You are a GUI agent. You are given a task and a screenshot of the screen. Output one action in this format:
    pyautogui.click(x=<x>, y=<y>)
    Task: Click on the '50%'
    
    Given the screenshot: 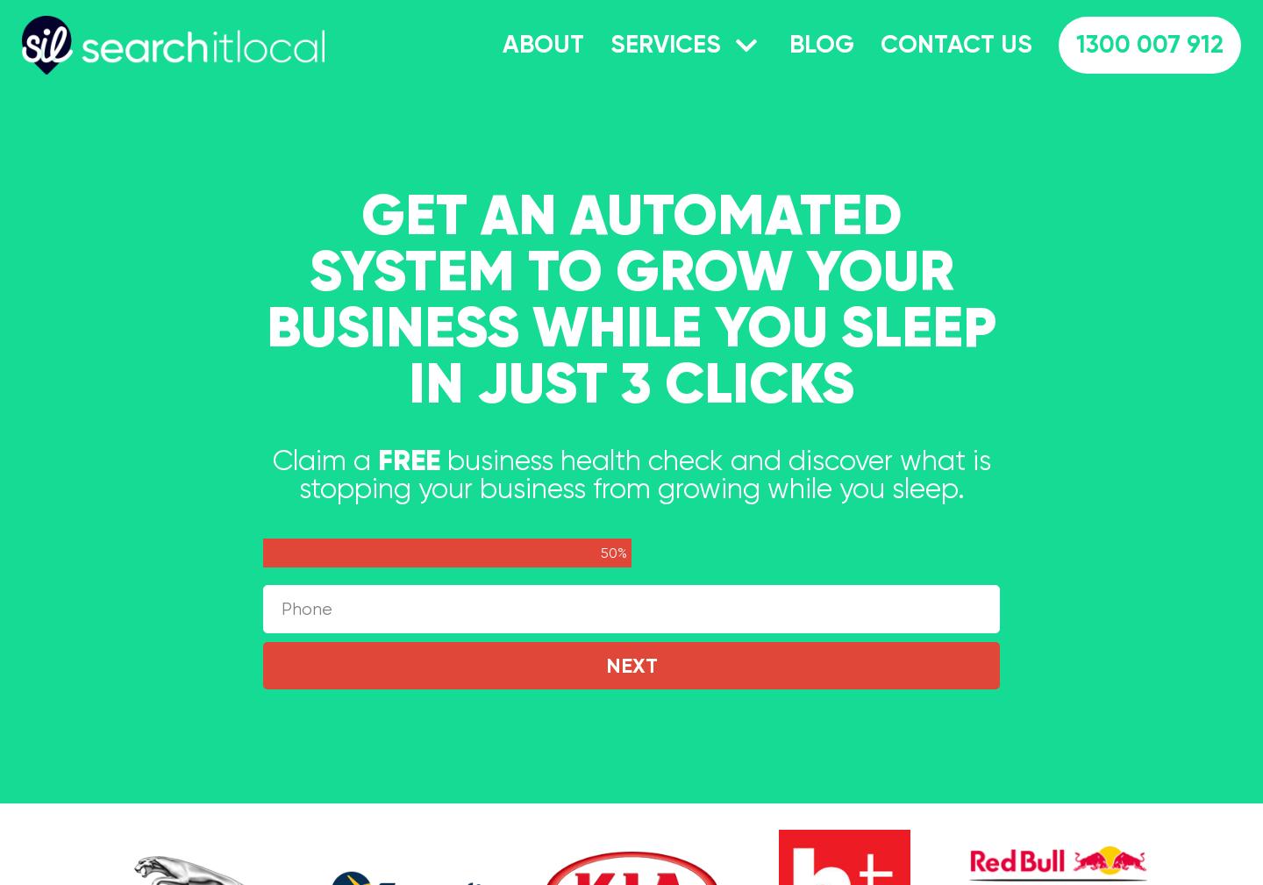 What is the action you would take?
    pyautogui.click(x=601, y=553)
    